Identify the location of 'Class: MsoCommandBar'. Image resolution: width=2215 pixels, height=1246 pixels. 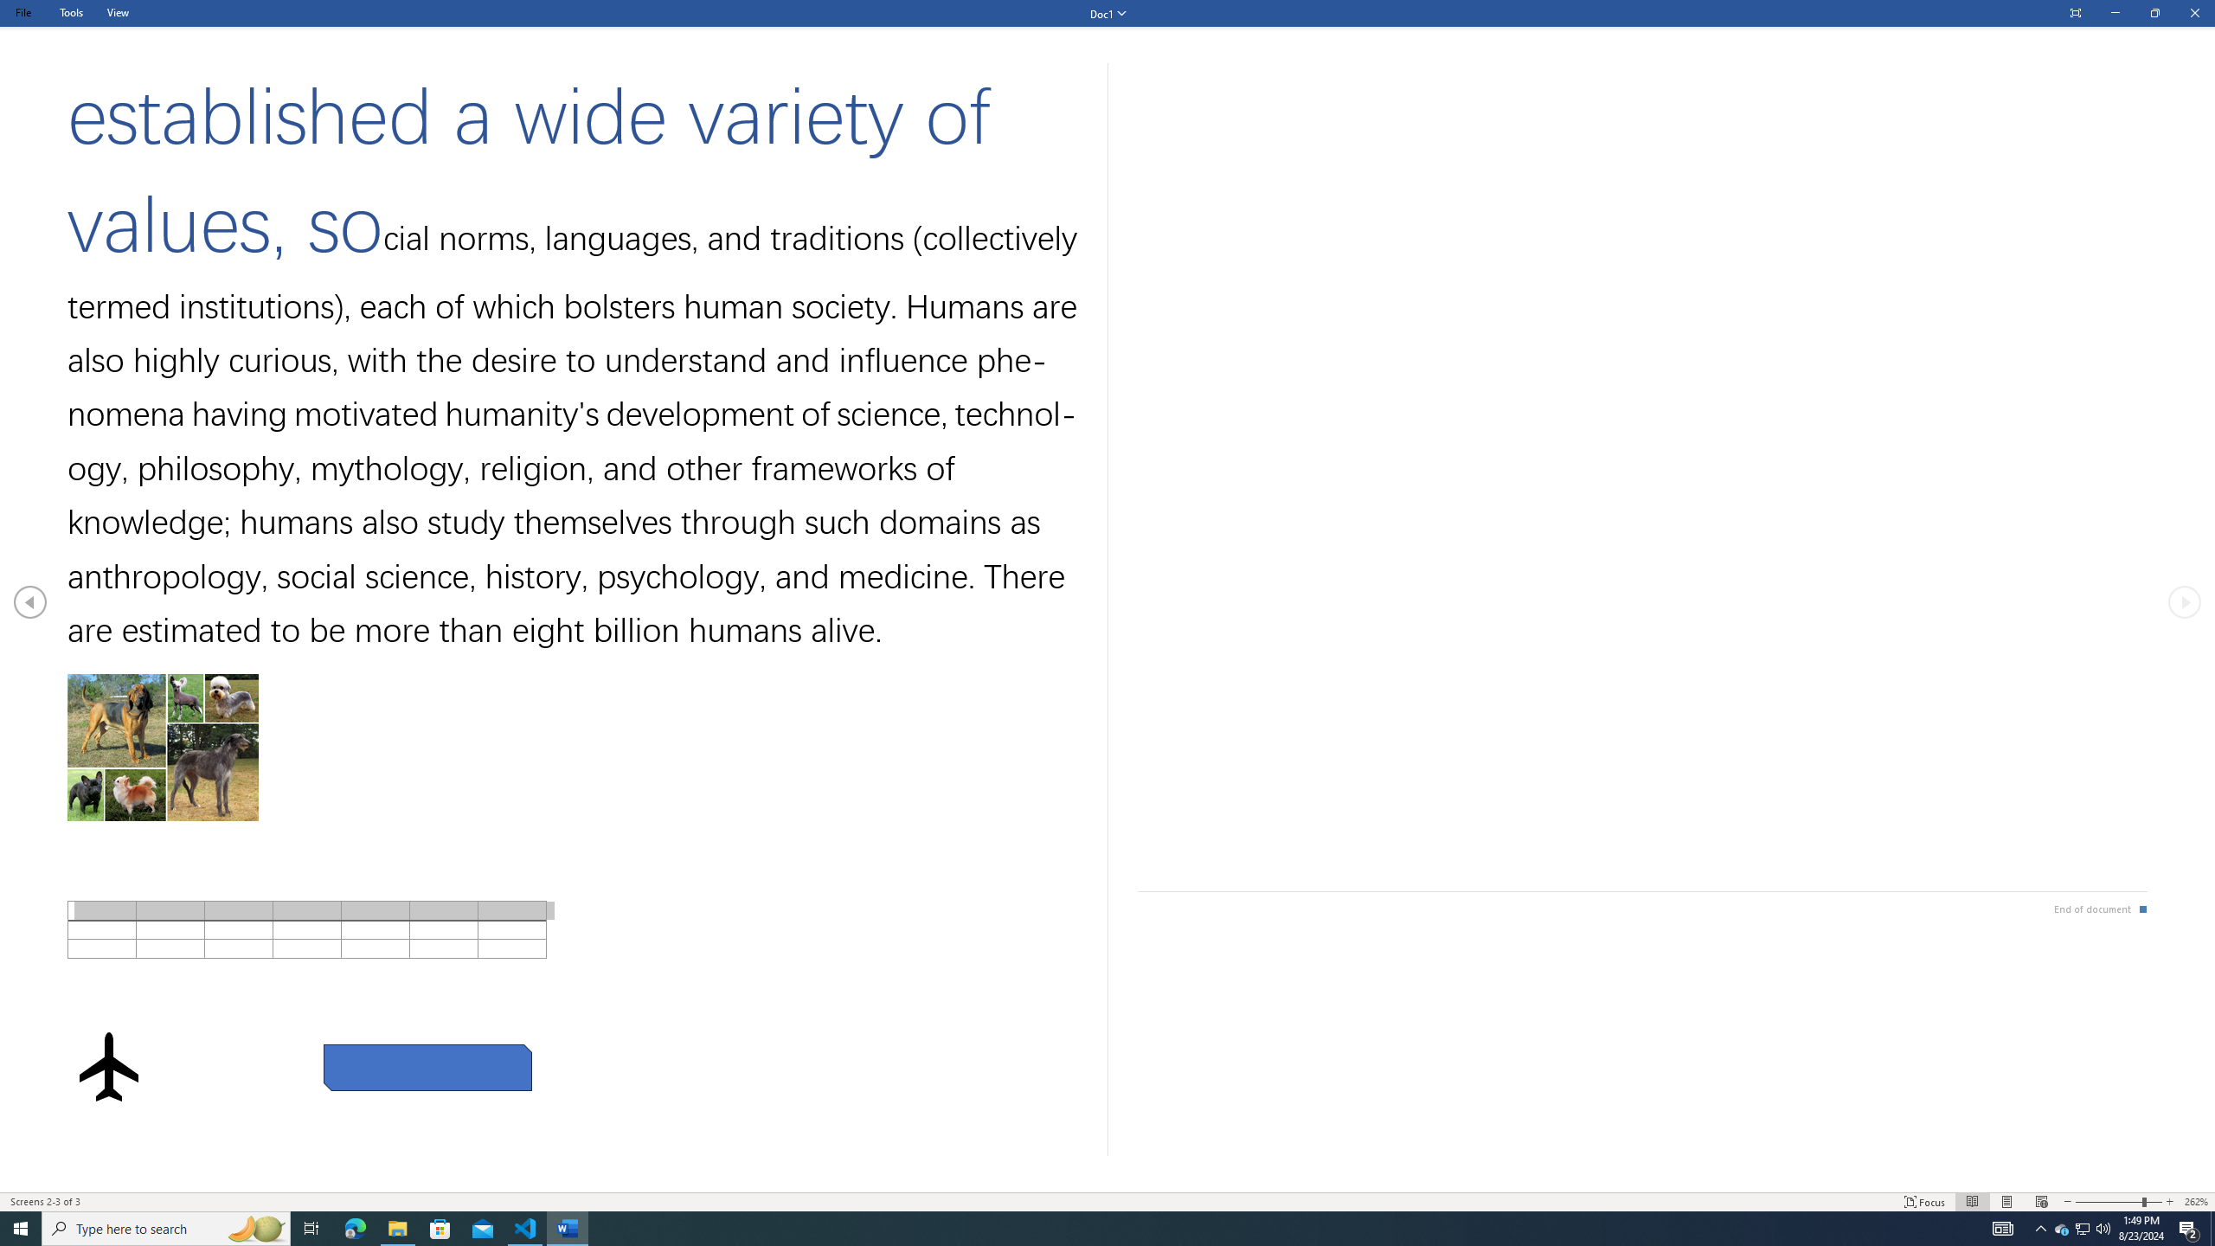
(1107, 1200).